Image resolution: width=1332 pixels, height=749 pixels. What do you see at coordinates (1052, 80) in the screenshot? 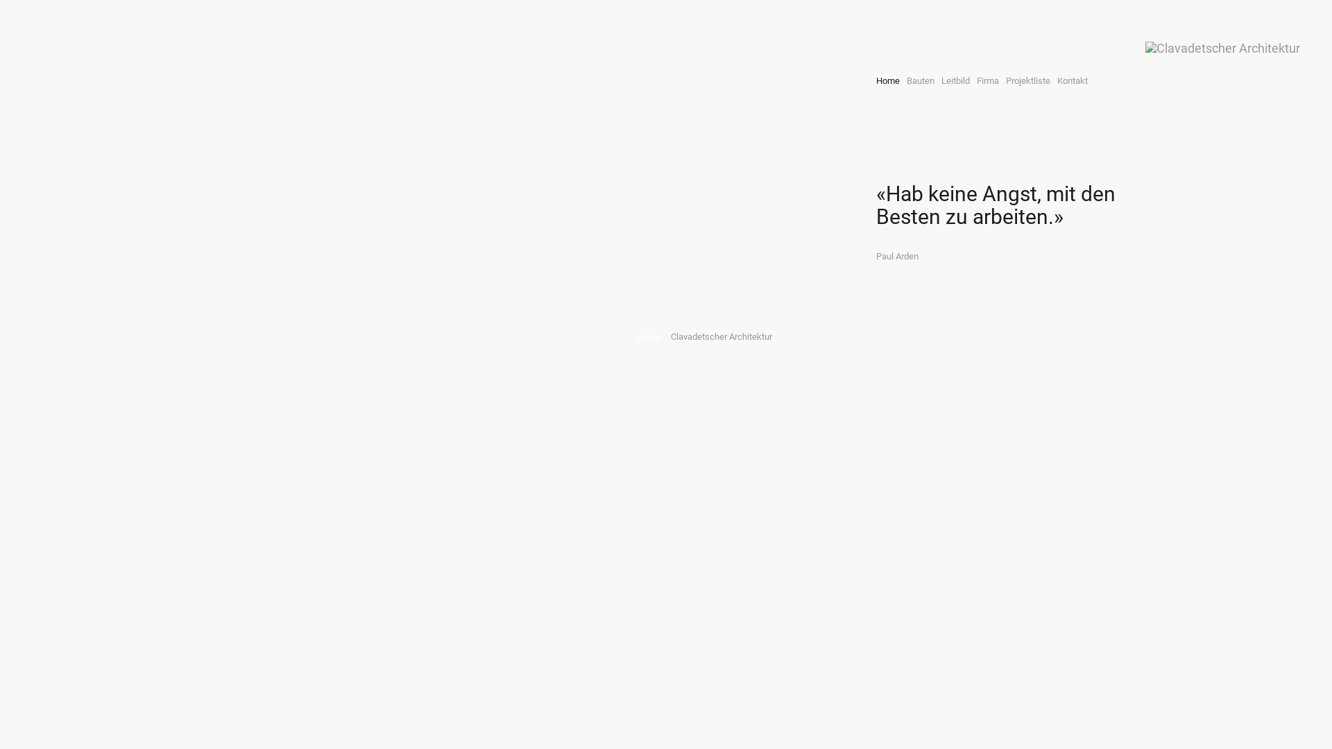
I see `'Kontakt'` at bounding box center [1052, 80].